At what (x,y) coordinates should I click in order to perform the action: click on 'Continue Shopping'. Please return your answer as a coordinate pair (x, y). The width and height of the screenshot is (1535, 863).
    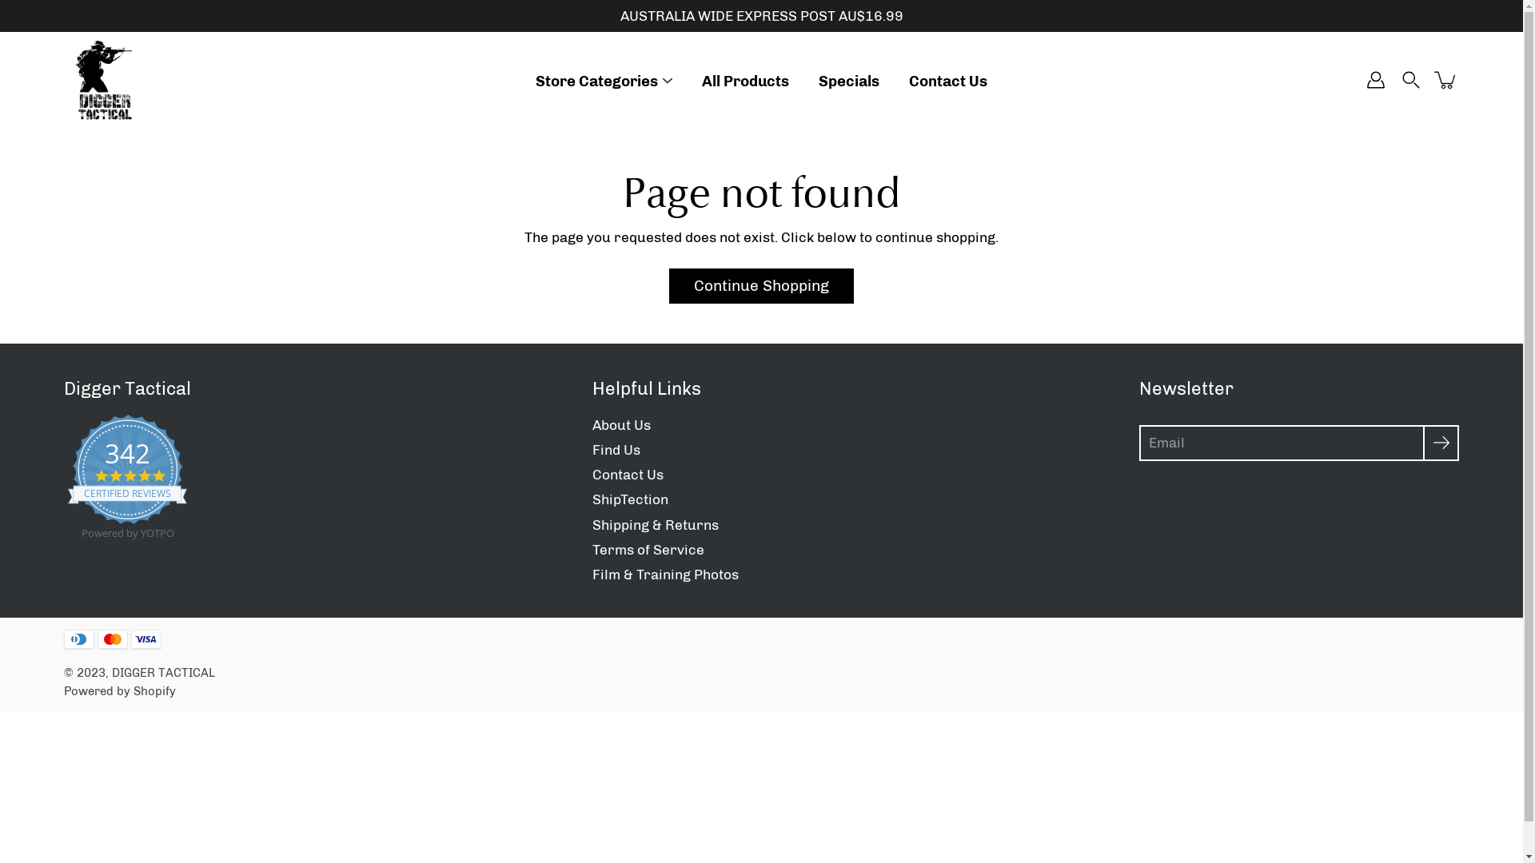
    Looking at the image, I should click on (760, 285).